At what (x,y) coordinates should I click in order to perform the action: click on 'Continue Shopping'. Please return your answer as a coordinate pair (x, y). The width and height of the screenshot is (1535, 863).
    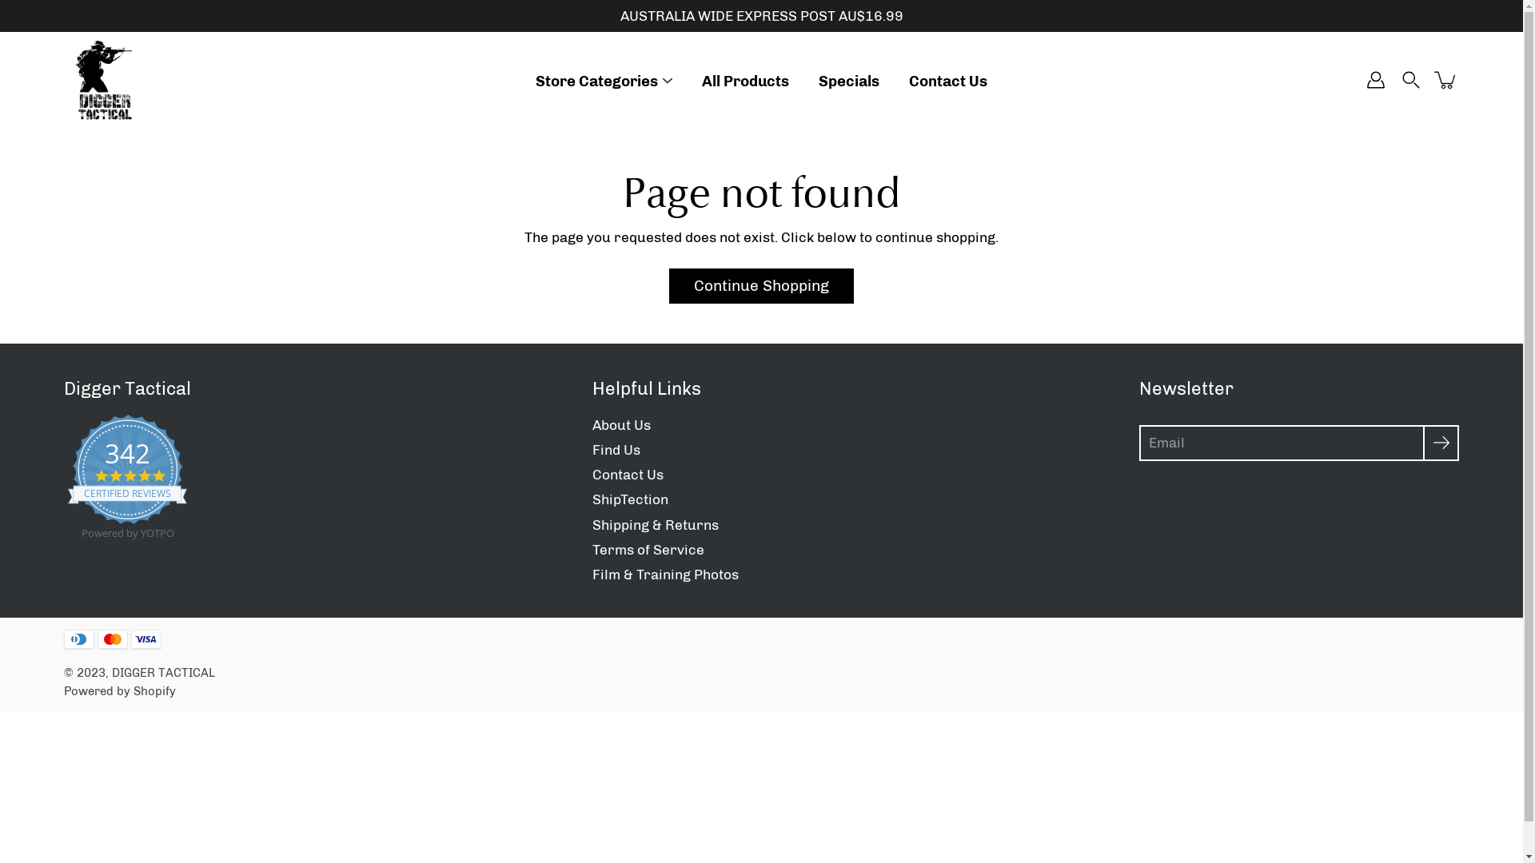
    Looking at the image, I should click on (760, 285).